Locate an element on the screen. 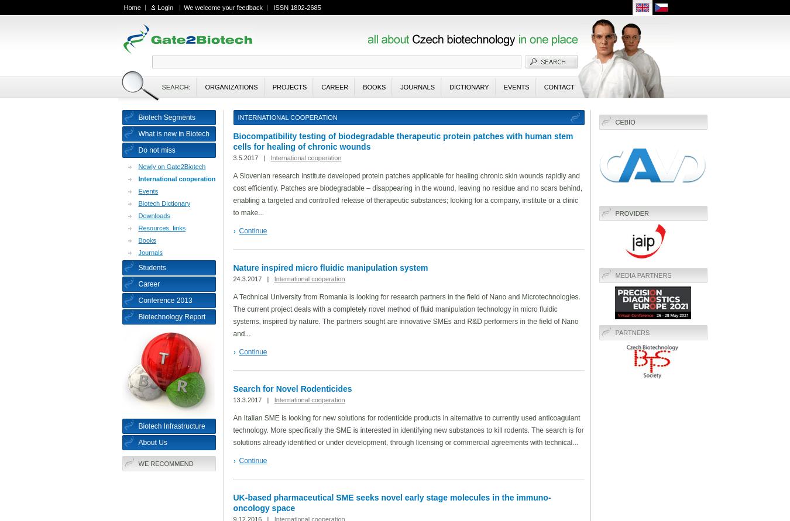 This screenshot has width=790, height=521. 'Do not miss' is located at coordinates (156, 150).